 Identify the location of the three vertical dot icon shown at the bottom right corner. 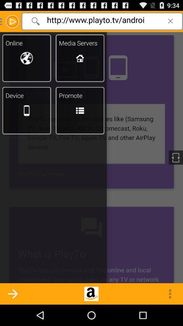
(169, 293).